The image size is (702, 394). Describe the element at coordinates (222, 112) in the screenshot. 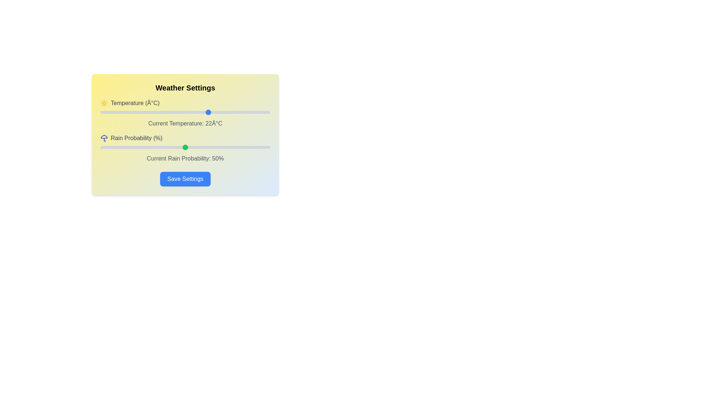

I see `the temperature slider to 26 degrees Celsius` at that location.